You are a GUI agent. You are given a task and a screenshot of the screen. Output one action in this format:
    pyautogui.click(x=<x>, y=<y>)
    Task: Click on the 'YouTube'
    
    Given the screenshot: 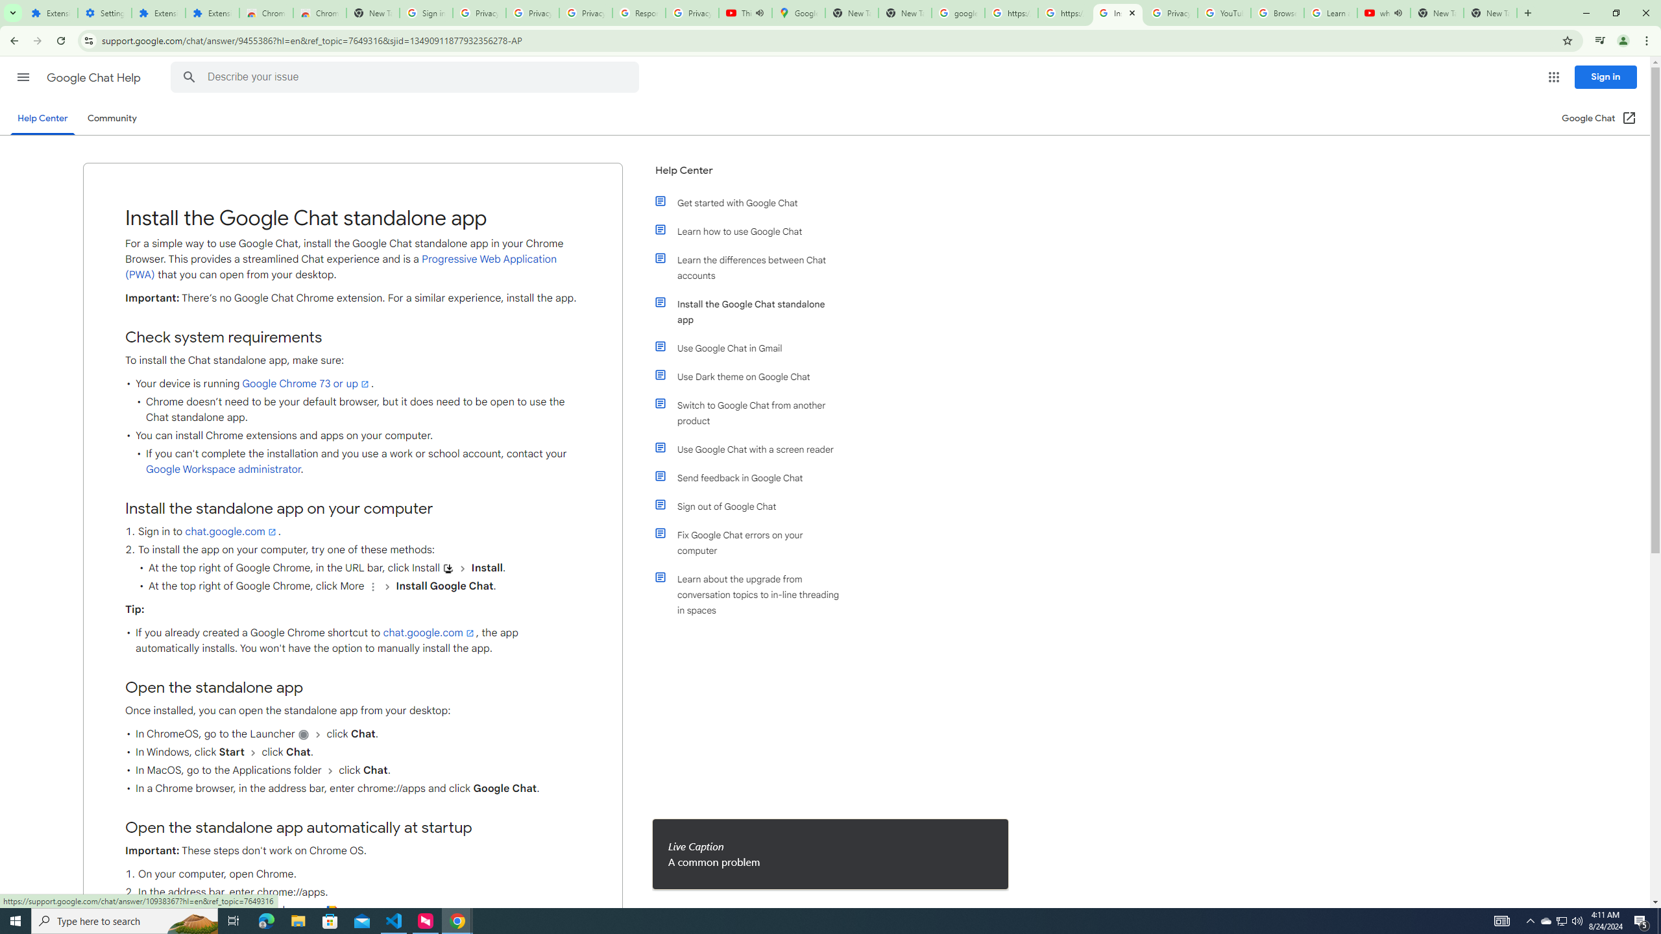 What is the action you would take?
    pyautogui.click(x=1224, y=12)
    